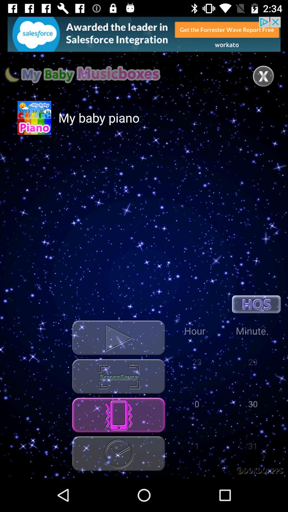 This screenshot has width=288, height=512. Describe the element at coordinates (144, 34) in the screenshot. I see `find out more` at that location.